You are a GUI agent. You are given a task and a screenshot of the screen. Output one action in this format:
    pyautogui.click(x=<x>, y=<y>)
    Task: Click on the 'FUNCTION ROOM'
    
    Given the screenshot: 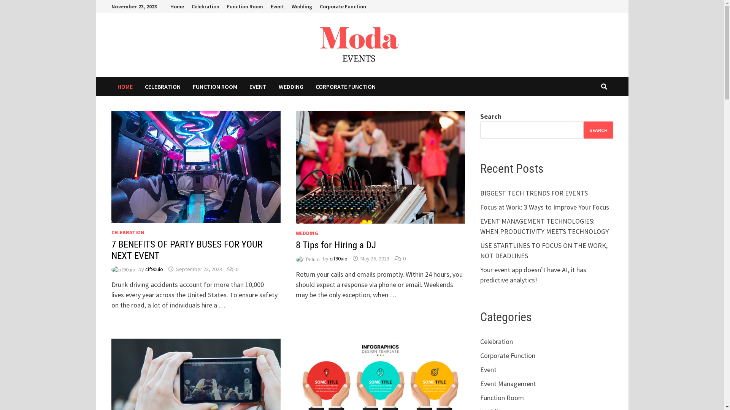 What is the action you would take?
    pyautogui.click(x=186, y=86)
    